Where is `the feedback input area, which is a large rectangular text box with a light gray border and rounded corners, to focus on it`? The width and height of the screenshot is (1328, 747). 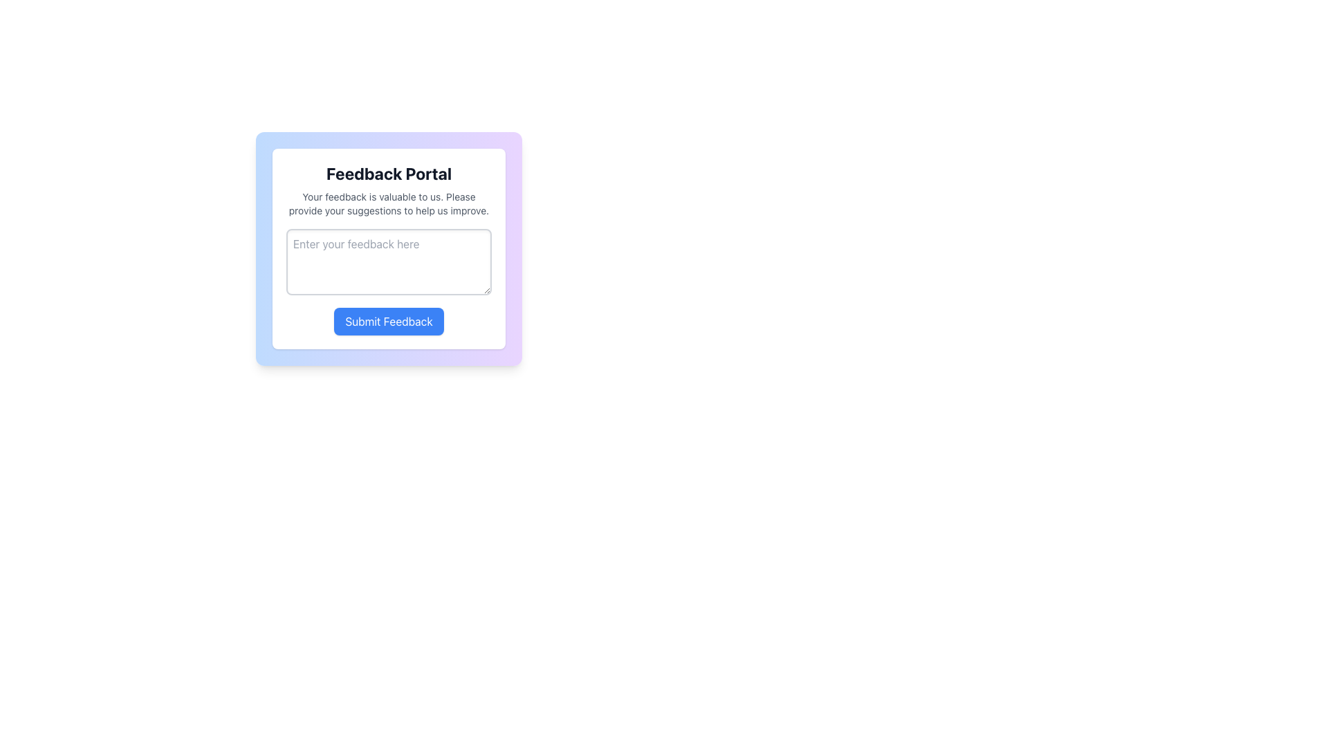
the feedback input area, which is a large rectangular text box with a light gray border and rounded corners, to focus on it is located at coordinates (388, 248).